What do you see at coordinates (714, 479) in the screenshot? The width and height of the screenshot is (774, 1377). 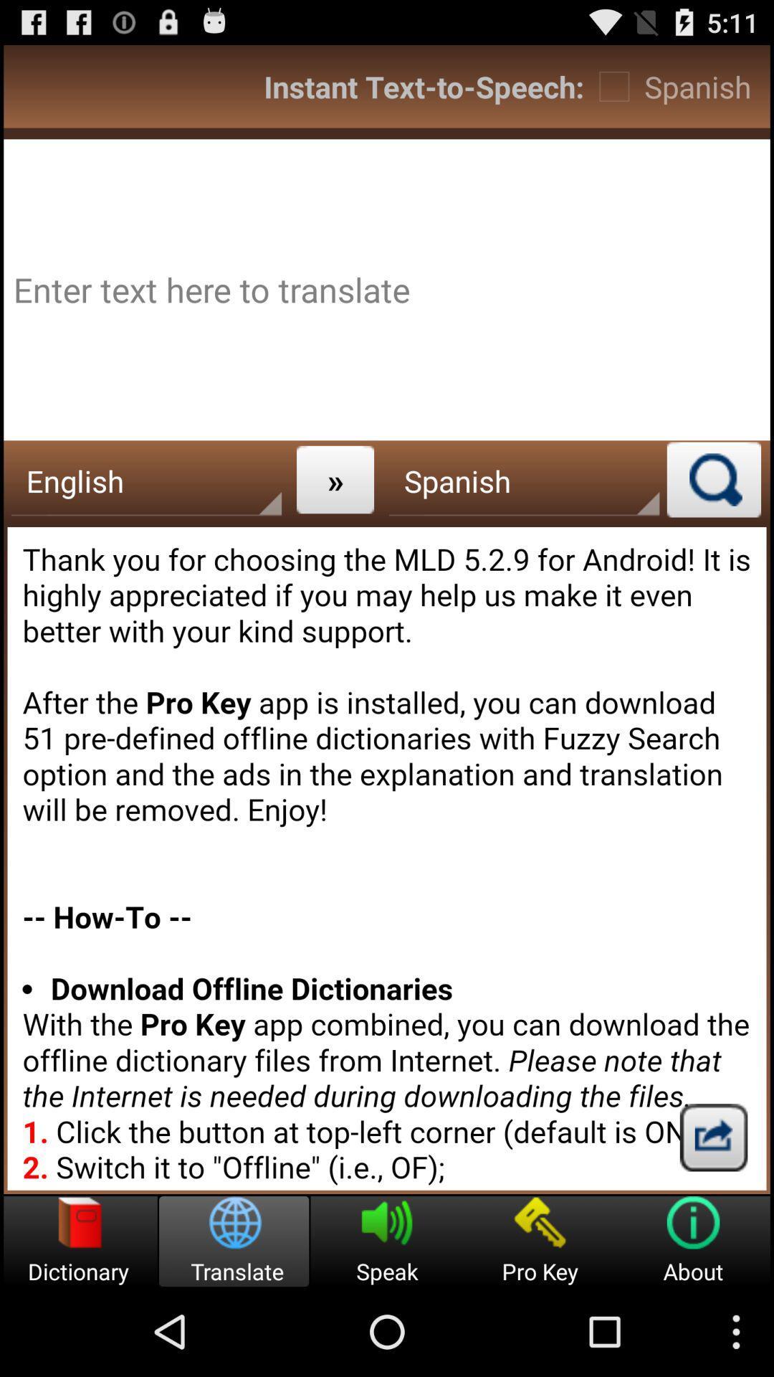 I see `zoom page` at bounding box center [714, 479].